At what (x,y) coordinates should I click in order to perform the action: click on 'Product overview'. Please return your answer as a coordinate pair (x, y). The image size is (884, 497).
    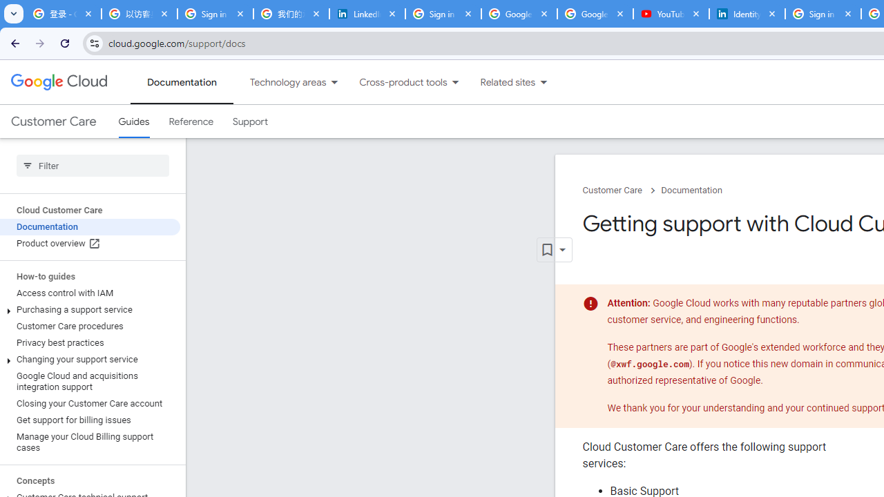
    Looking at the image, I should click on (89, 243).